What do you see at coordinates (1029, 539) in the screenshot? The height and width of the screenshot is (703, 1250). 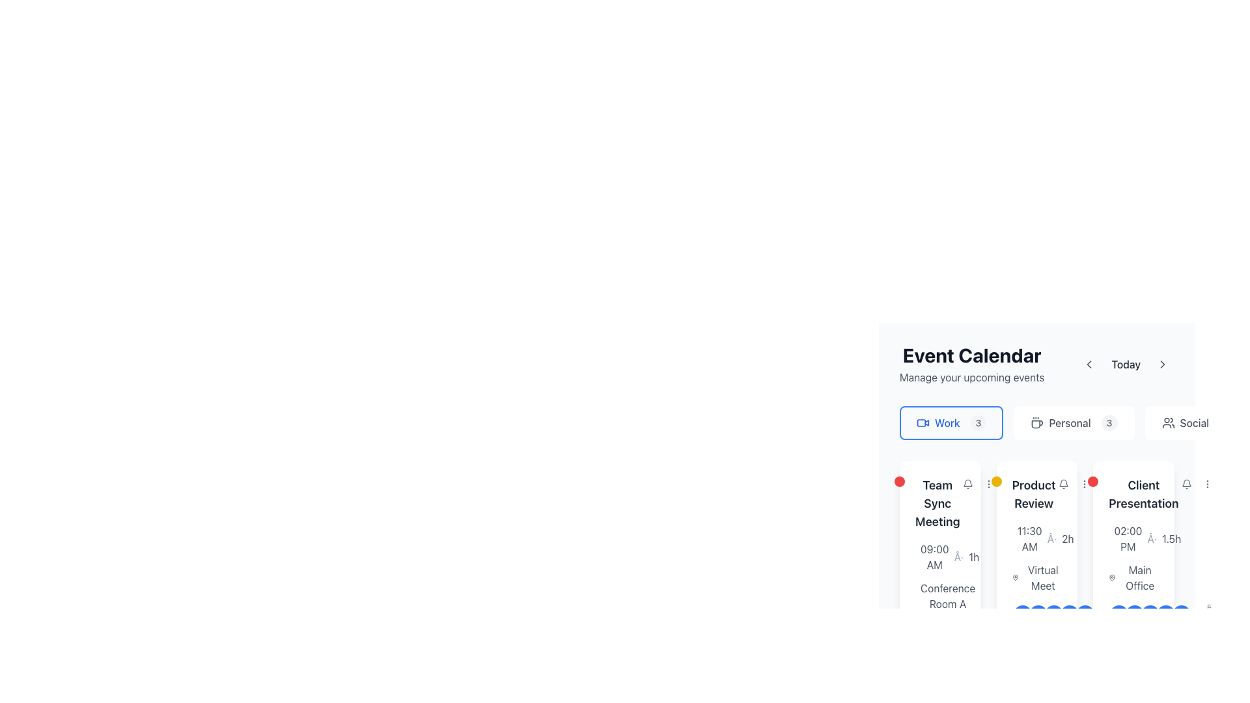 I see `displayed start time of the 'Product Review' event from the label located within the calendar event card, positioned above the 'Virtual Meet' label` at bounding box center [1029, 539].